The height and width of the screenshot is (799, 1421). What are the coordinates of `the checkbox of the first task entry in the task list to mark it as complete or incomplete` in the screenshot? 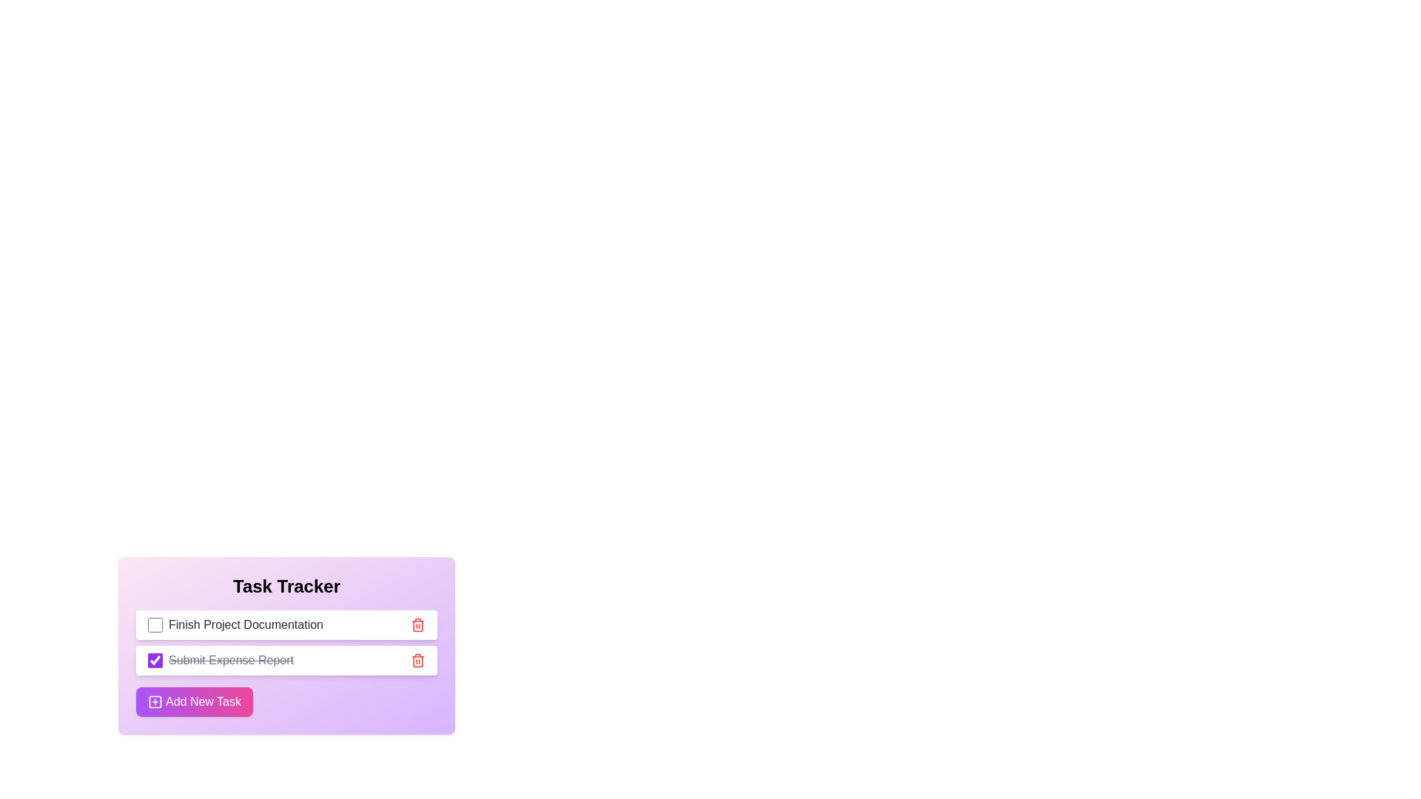 It's located at (286, 624).